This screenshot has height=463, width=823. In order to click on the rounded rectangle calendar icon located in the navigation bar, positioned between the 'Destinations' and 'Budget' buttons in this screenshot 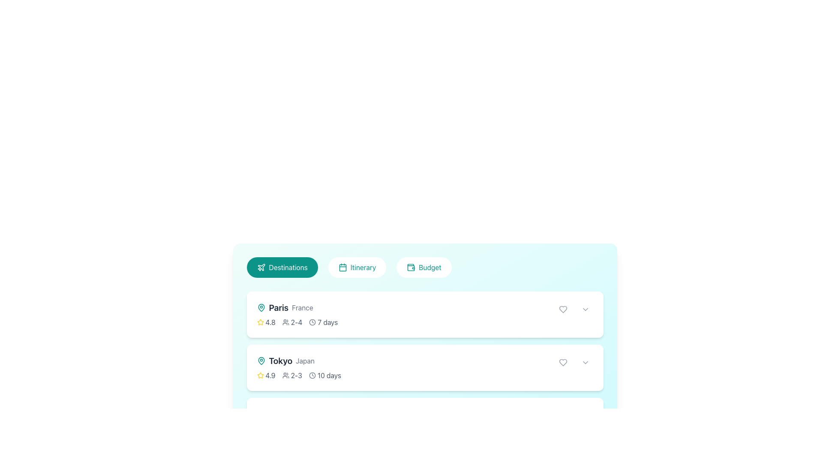, I will do `click(342, 267)`.